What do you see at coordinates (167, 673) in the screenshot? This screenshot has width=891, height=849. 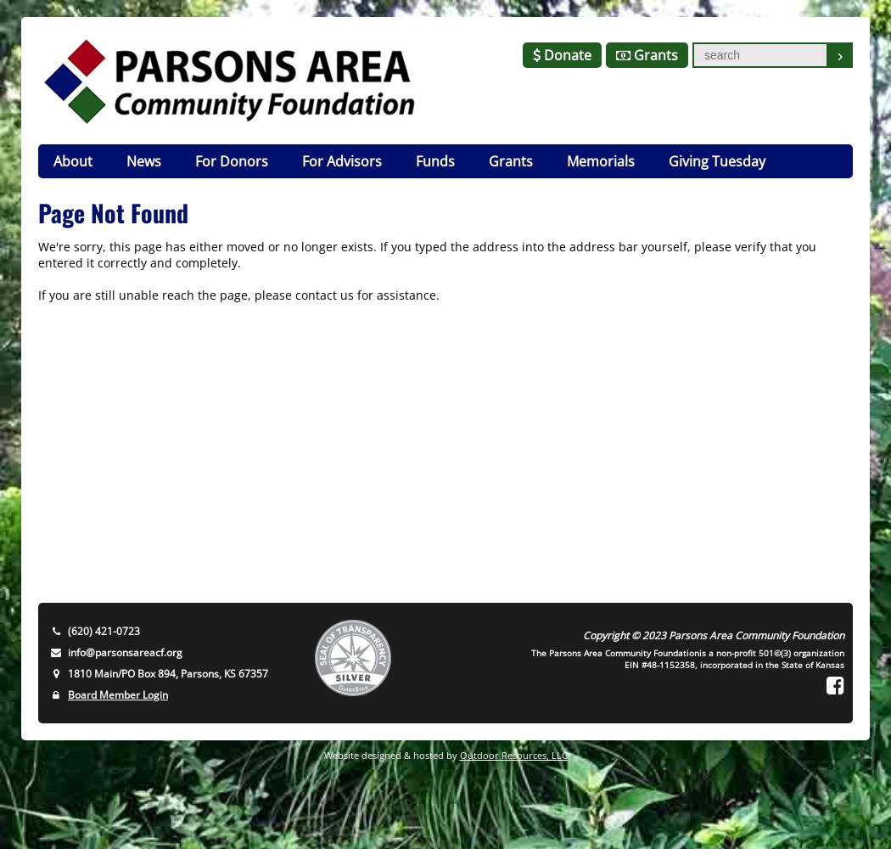 I see `'1810 Main/PO Box 894, Parsons, KS 67357'` at bounding box center [167, 673].